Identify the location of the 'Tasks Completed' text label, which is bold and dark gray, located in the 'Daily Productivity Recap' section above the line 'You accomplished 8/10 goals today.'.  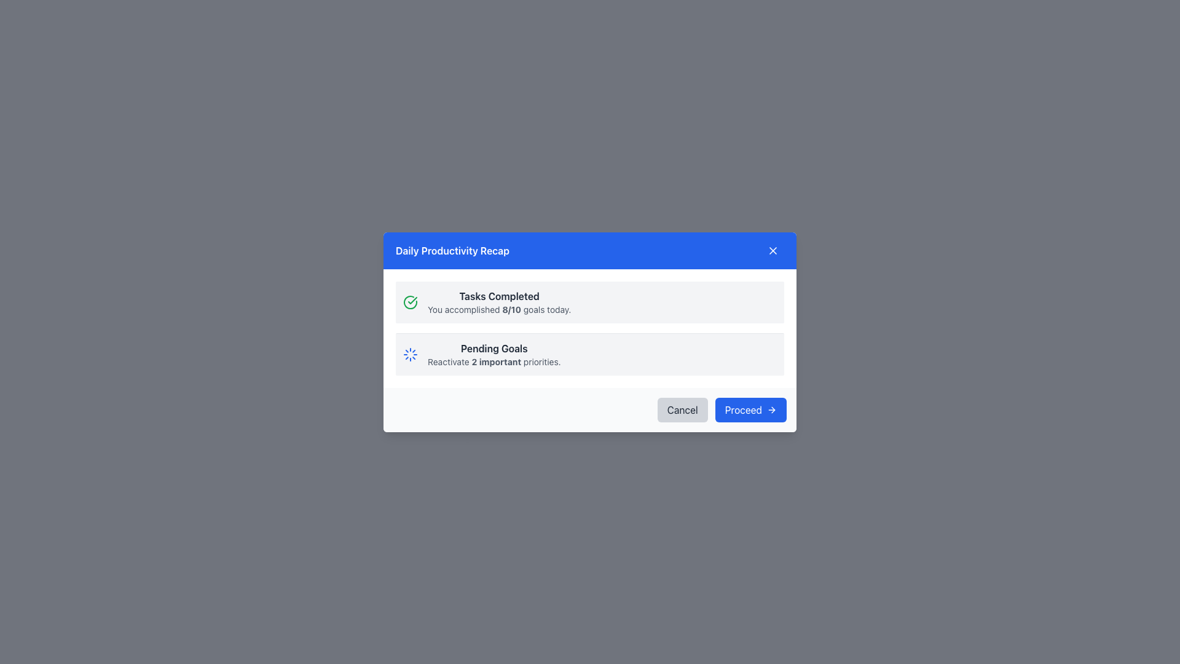
(499, 296).